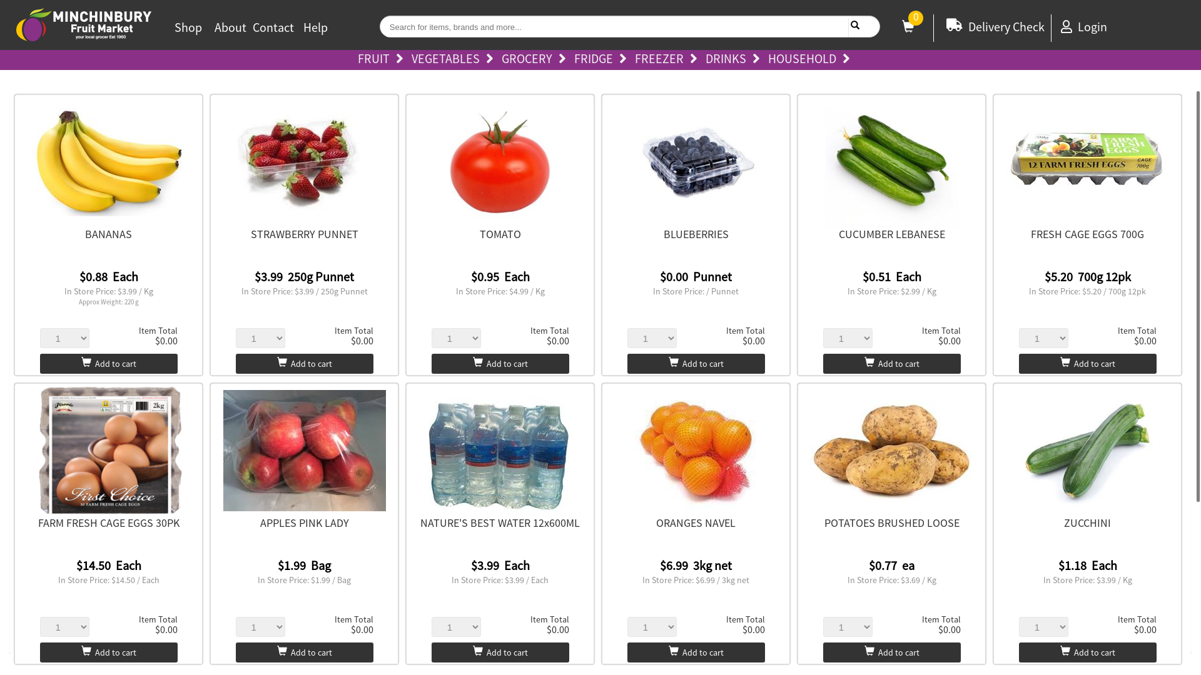  What do you see at coordinates (812, 59) in the screenshot?
I see `'HOUSEHOLD'` at bounding box center [812, 59].